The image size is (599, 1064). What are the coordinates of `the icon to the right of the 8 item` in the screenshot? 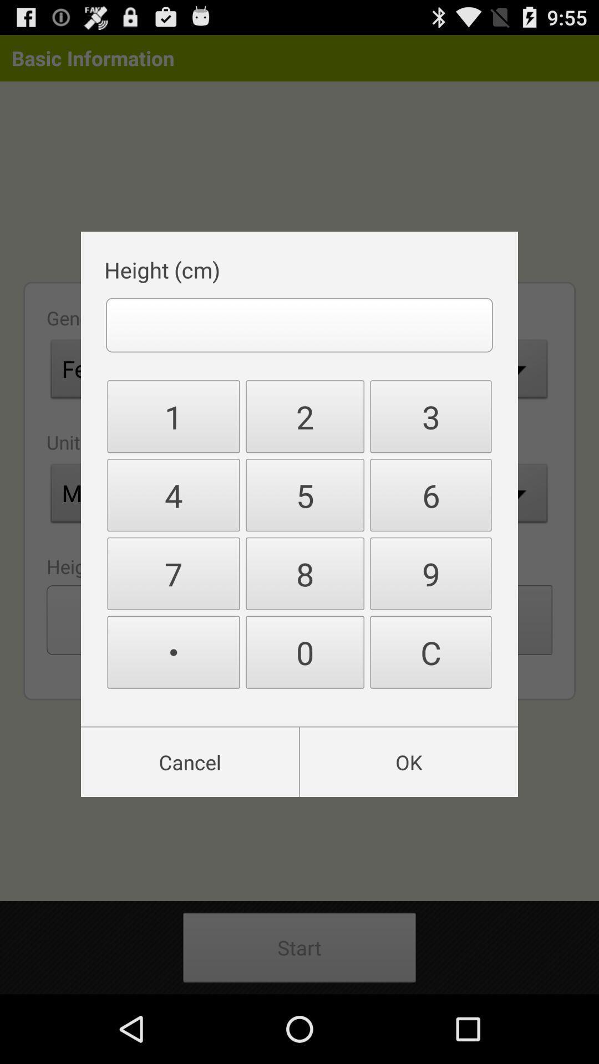 It's located at (430, 652).